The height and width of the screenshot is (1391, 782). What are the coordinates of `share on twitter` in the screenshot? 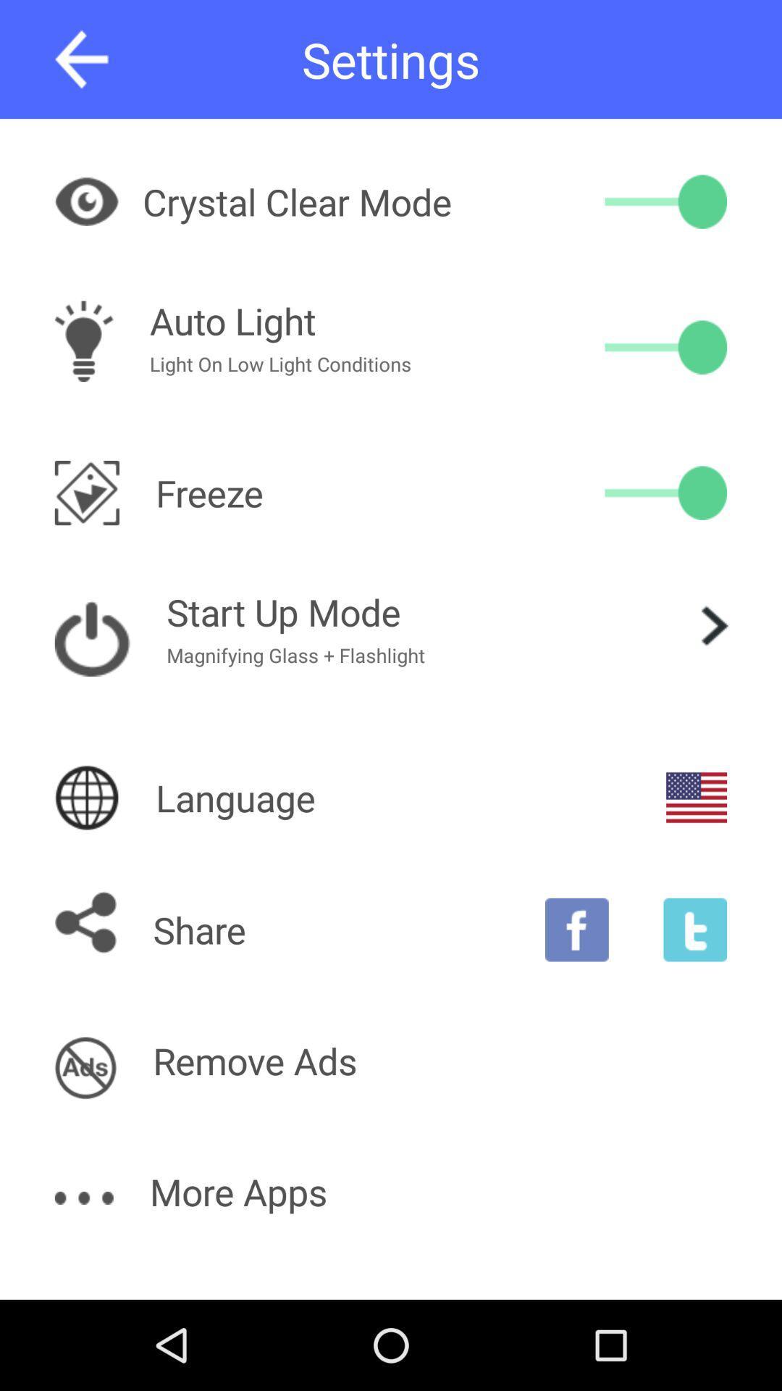 It's located at (694, 930).